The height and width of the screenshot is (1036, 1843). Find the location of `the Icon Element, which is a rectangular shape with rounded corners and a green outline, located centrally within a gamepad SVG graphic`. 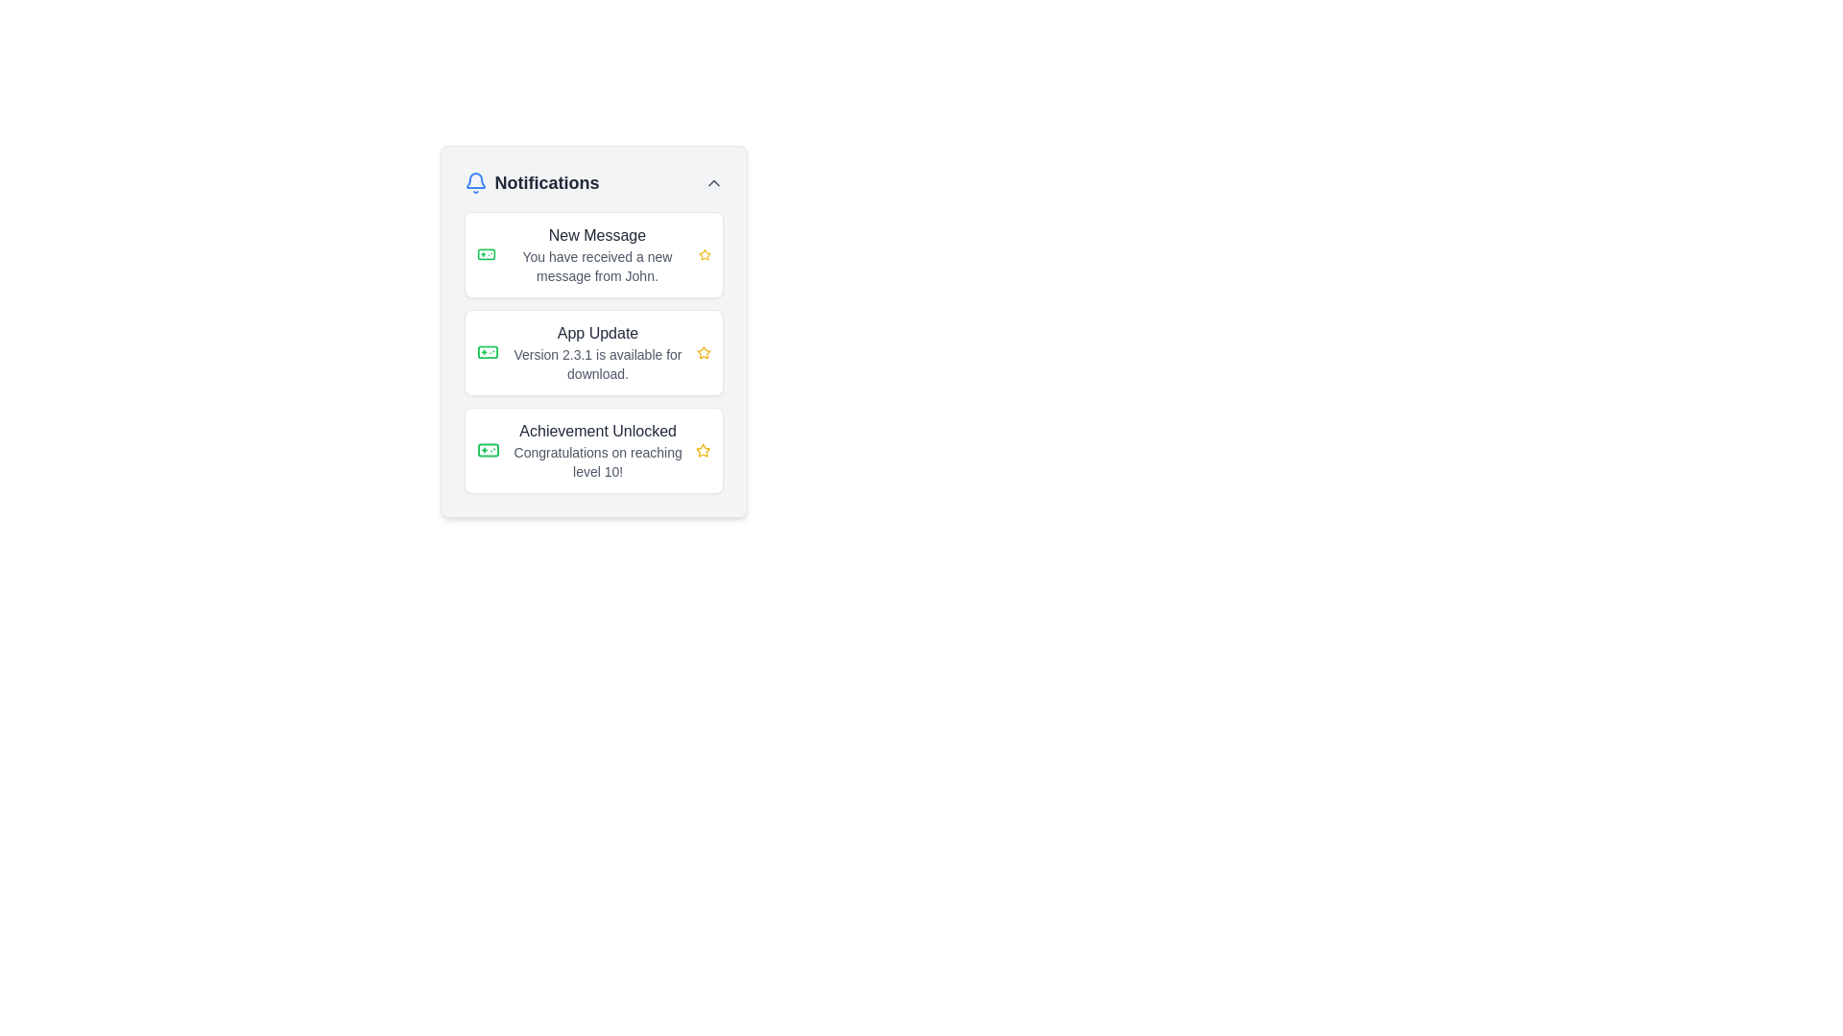

the Icon Element, which is a rectangular shape with rounded corners and a green outline, located centrally within a gamepad SVG graphic is located at coordinates (486, 254).